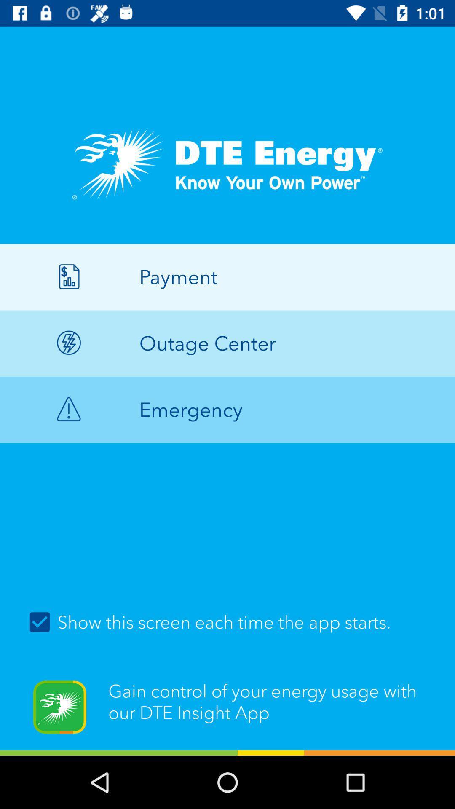 Image resolution: width=455 pixels, height=809 pixels. I want to click on the icon below outage center icon, so click(227, 410).